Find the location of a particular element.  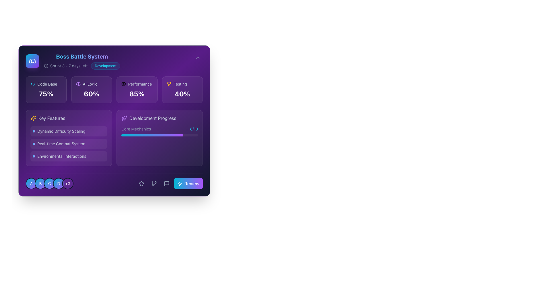

the 'Performance' label which displays the text in a small-sized font with a light slate color, located next to a CPU icon in the performance metrics section is located at coordinates (140, 84).